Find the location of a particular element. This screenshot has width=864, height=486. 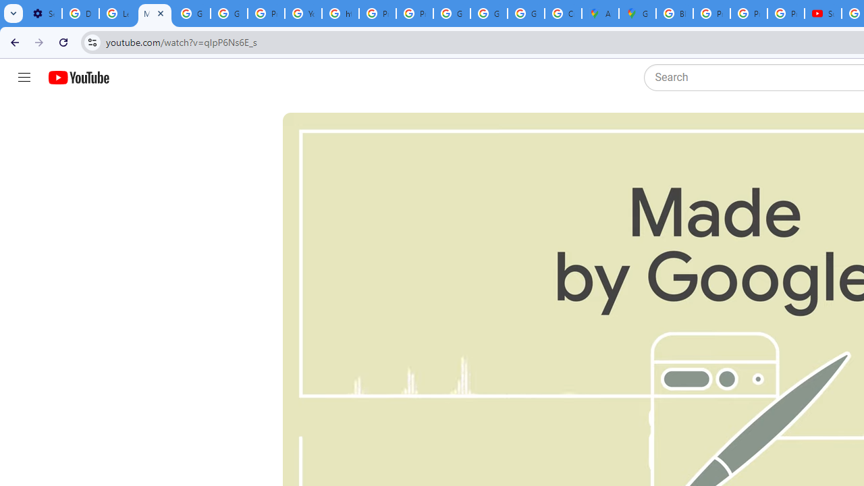

'Settings - Customize profile' is located at coordinates (43, 13).